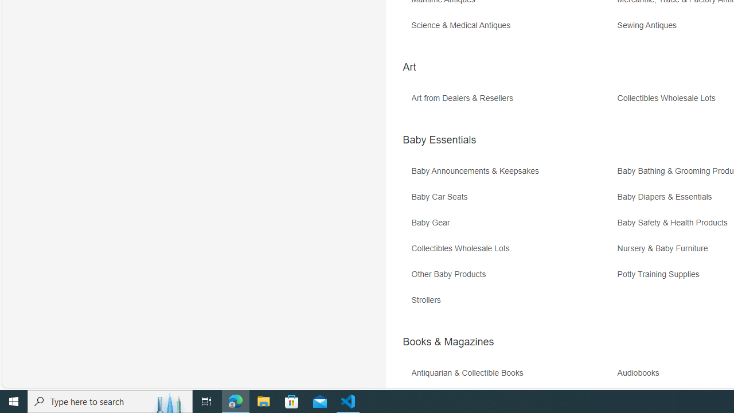  I want to click on 'Other Baby Products', so click(512, 278).